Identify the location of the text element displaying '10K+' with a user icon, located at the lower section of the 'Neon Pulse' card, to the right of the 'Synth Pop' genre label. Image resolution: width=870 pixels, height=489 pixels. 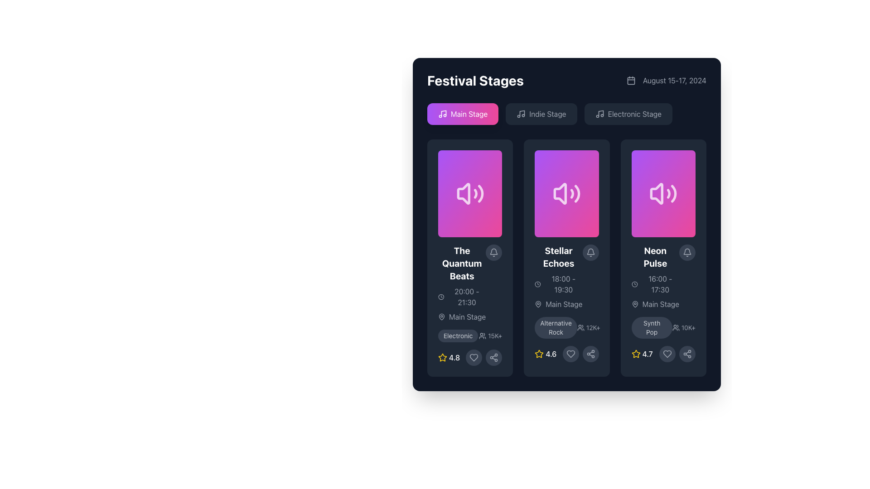
(684, 328).